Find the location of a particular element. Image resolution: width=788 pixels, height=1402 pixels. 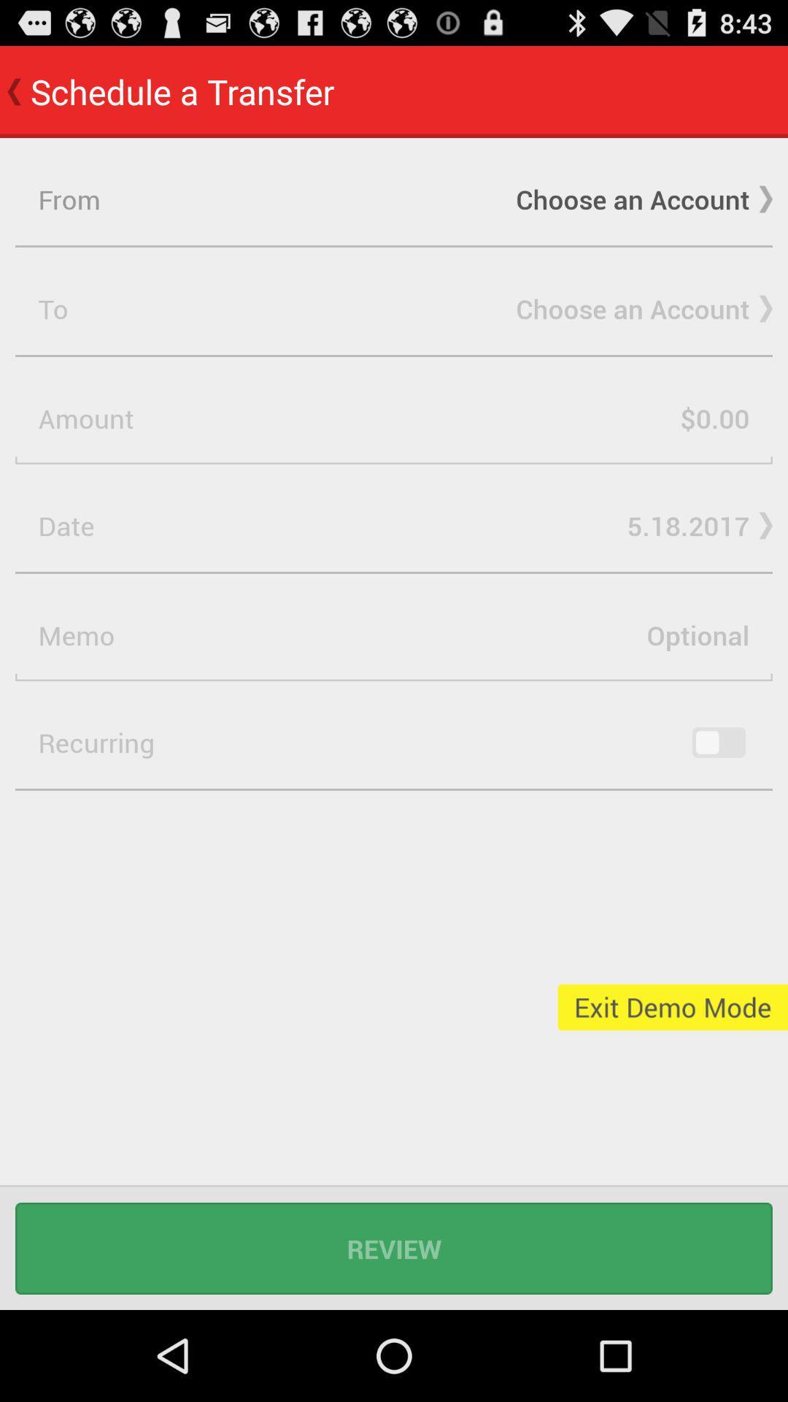

on button is located at coordinates (718, 743).